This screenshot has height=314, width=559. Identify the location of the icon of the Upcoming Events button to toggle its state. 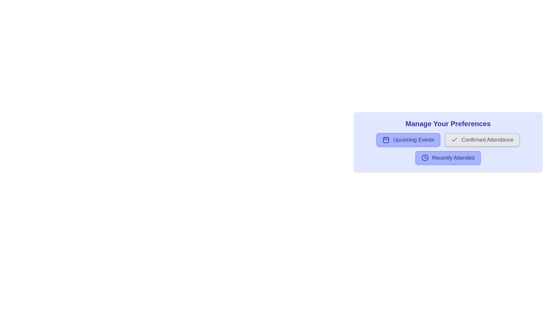
(386, 140).